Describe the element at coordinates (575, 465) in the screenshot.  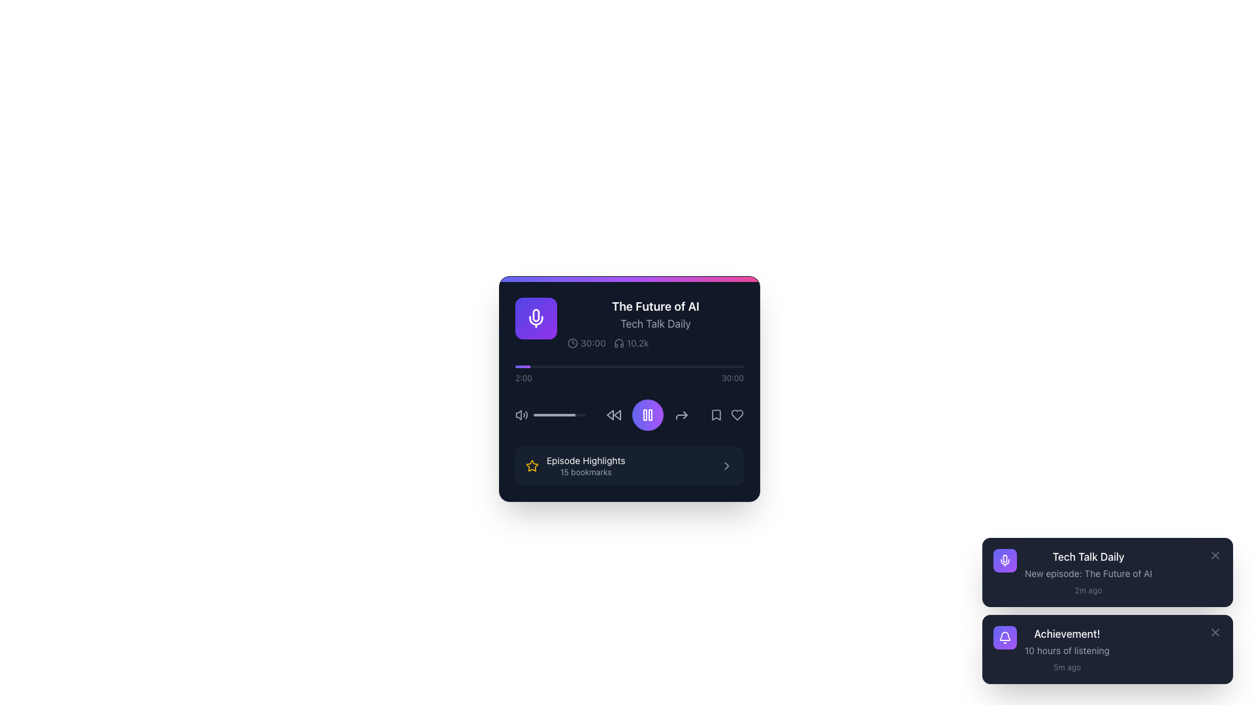
I see `the 'Episode Highlights' text label with the yellow star icon` at that location.